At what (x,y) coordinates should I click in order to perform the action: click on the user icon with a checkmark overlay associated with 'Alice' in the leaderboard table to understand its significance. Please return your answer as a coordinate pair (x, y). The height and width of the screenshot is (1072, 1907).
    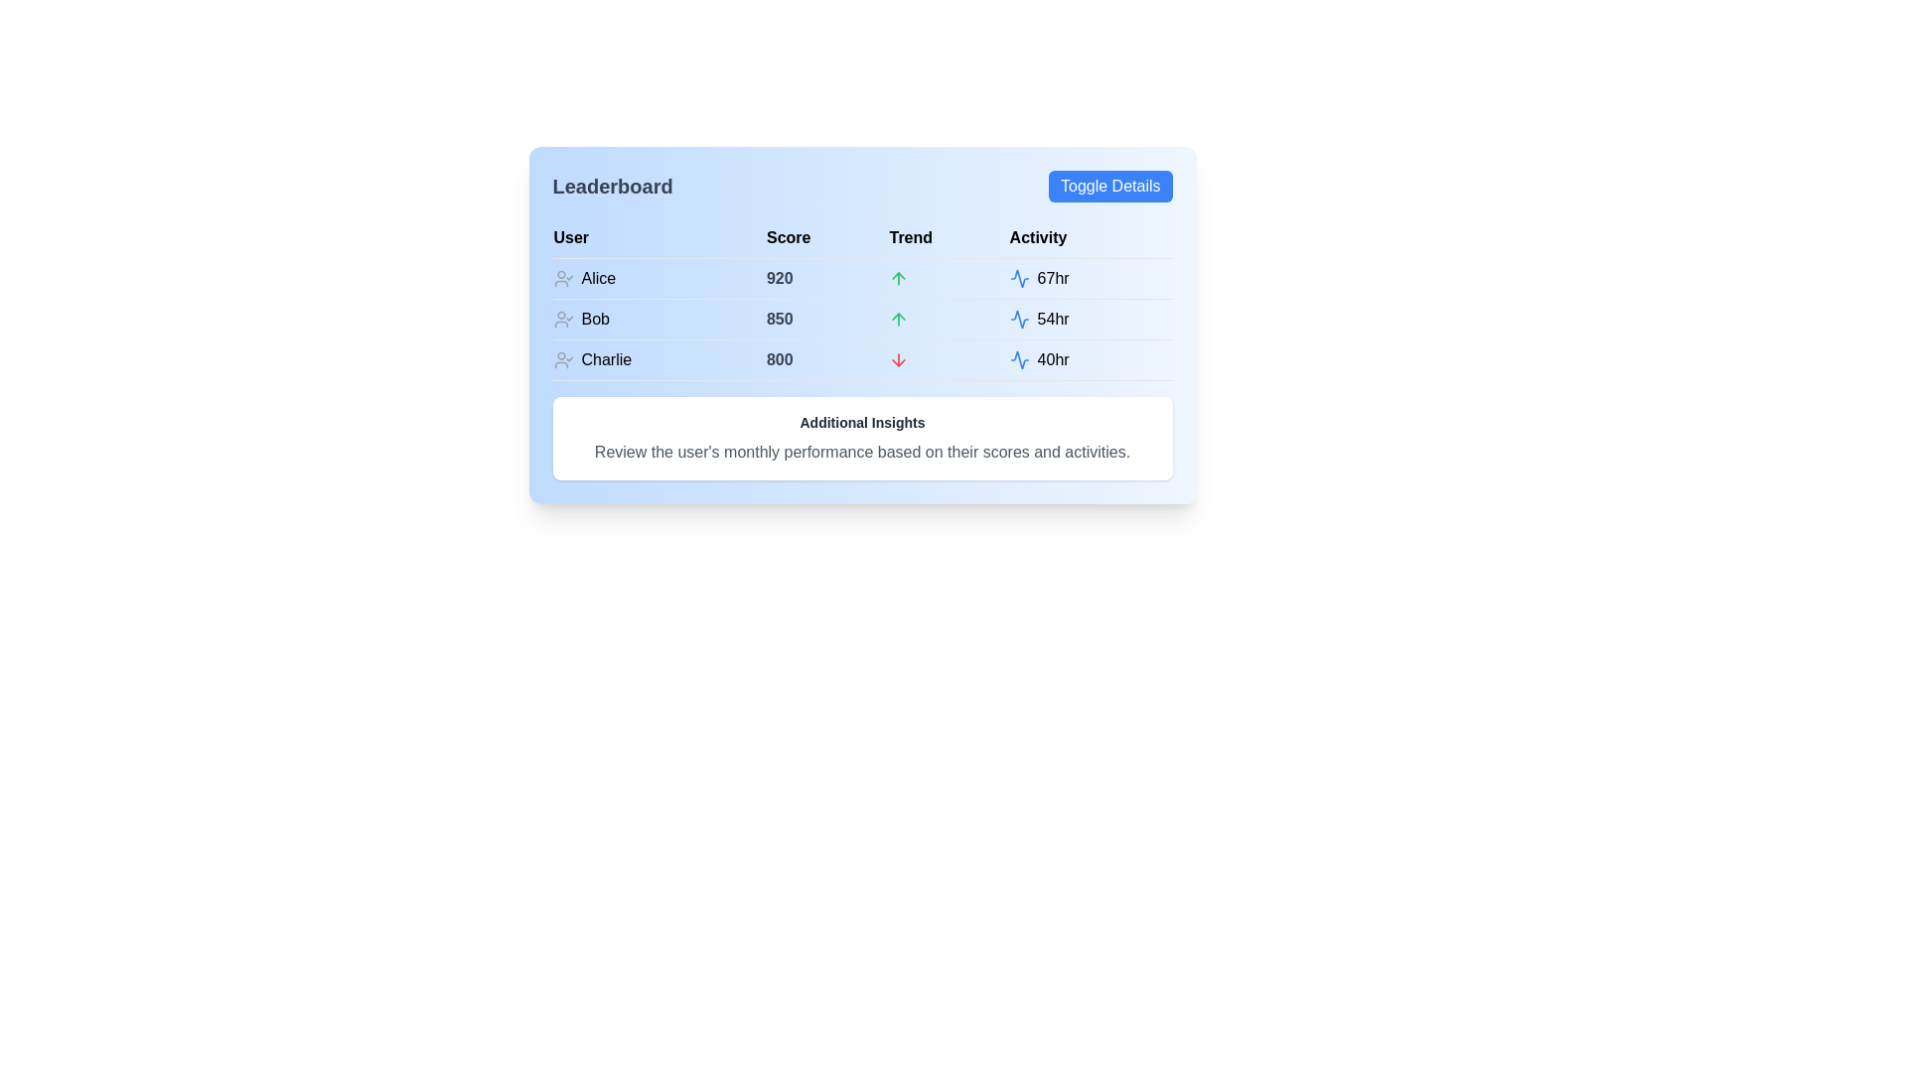
    Looking at the image, I should click on (562, 279).